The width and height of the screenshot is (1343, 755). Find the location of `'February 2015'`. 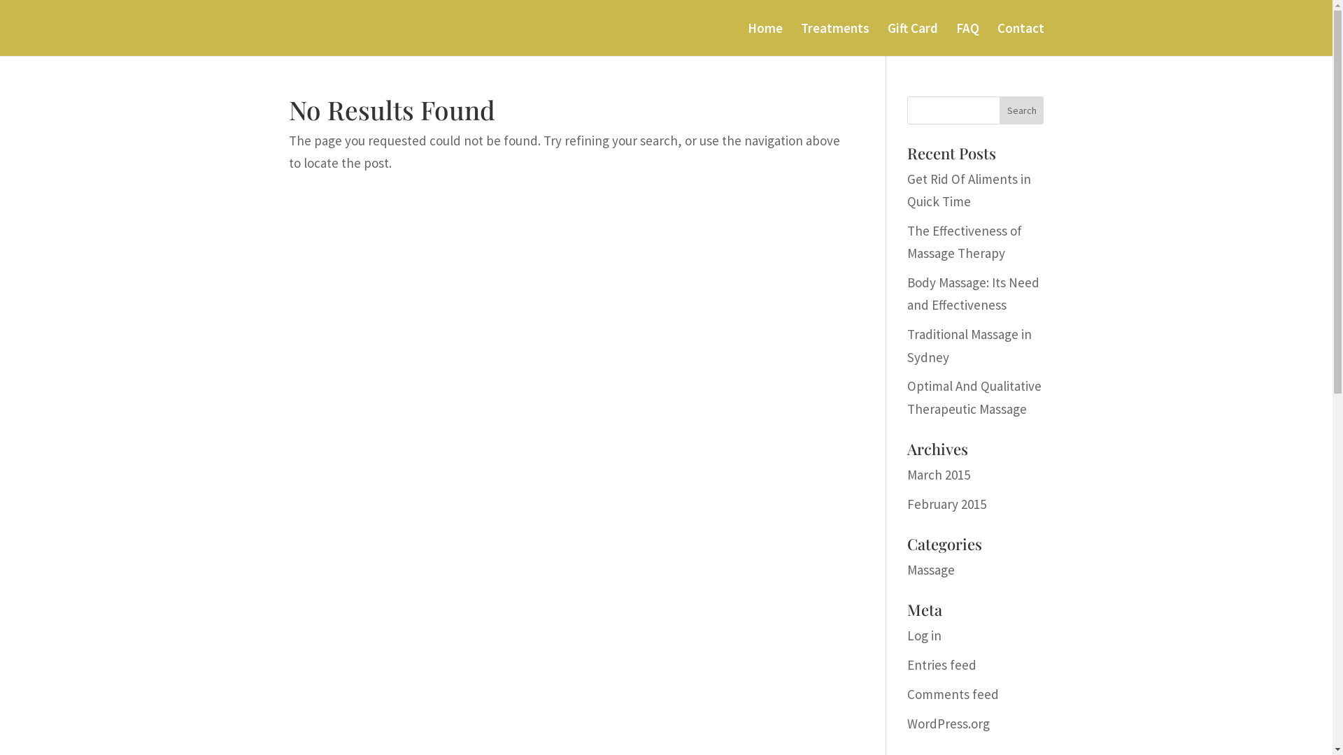

'February 2015' is located at coordinates (907, 504).